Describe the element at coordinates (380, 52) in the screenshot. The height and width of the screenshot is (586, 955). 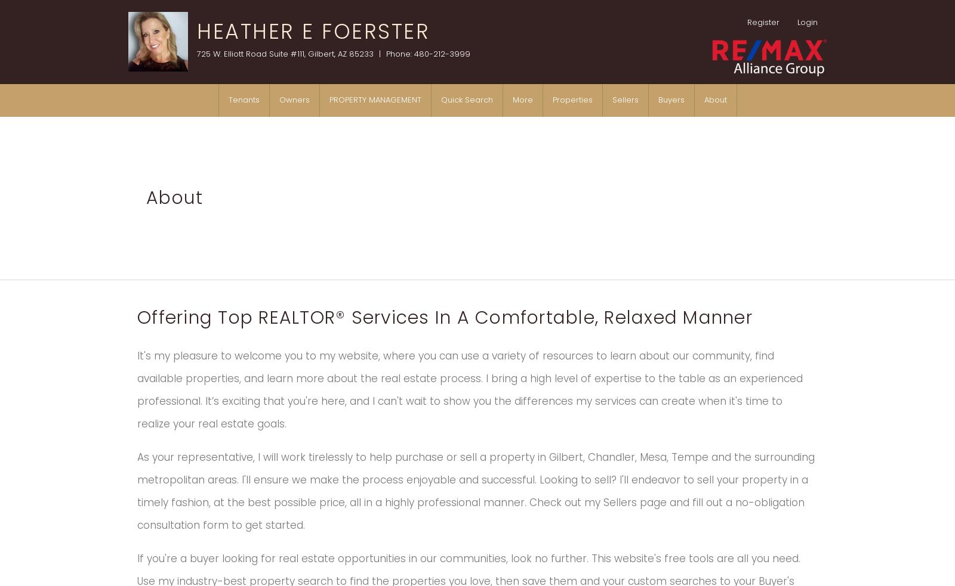
I see `'|'` at that location.